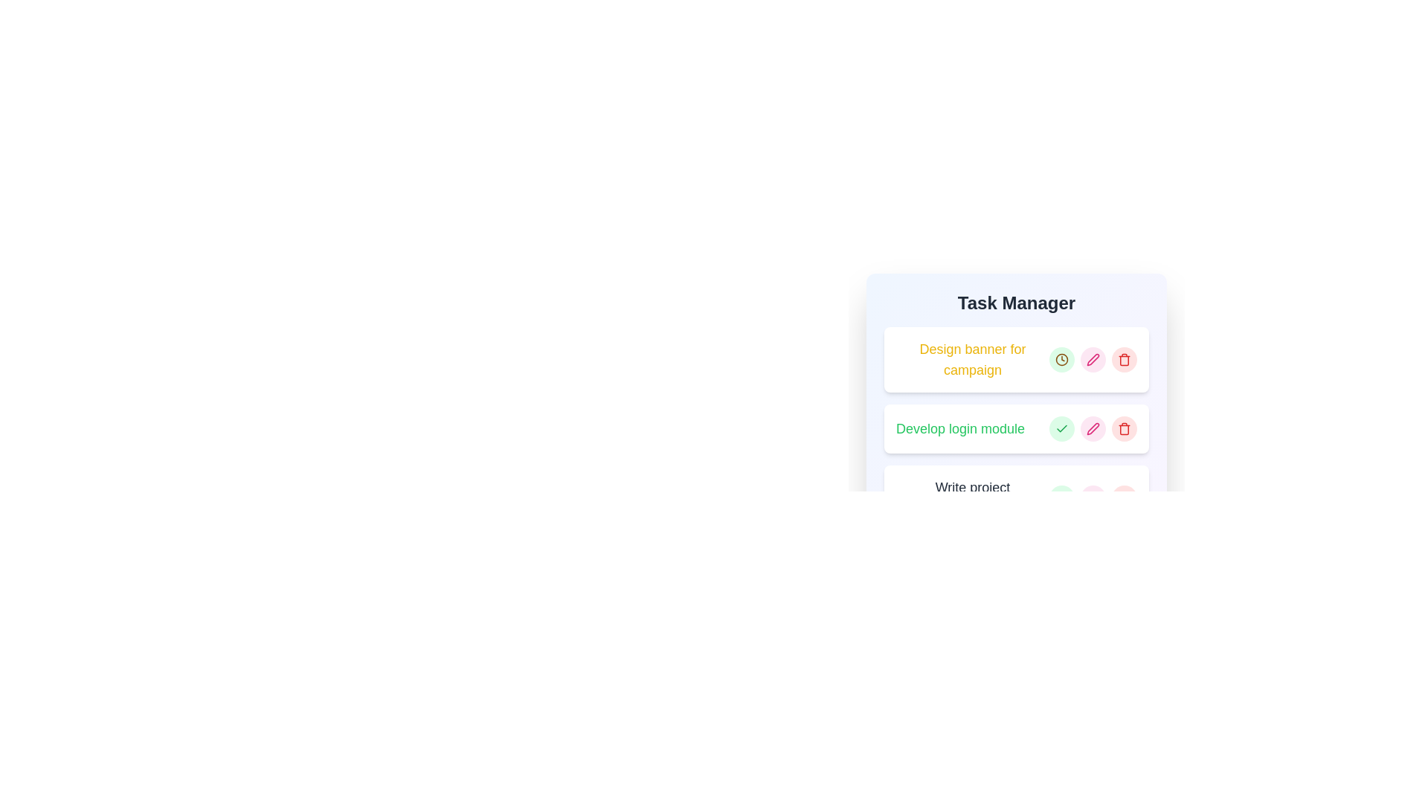 The image size is (1428, 803). Describe the element at coordinates (973, 359) in the screenshot. I see `the text label displaying 'Design banner for campaign', which is styled in yellow font and positioned at the leftmost side of the task card` at that location.